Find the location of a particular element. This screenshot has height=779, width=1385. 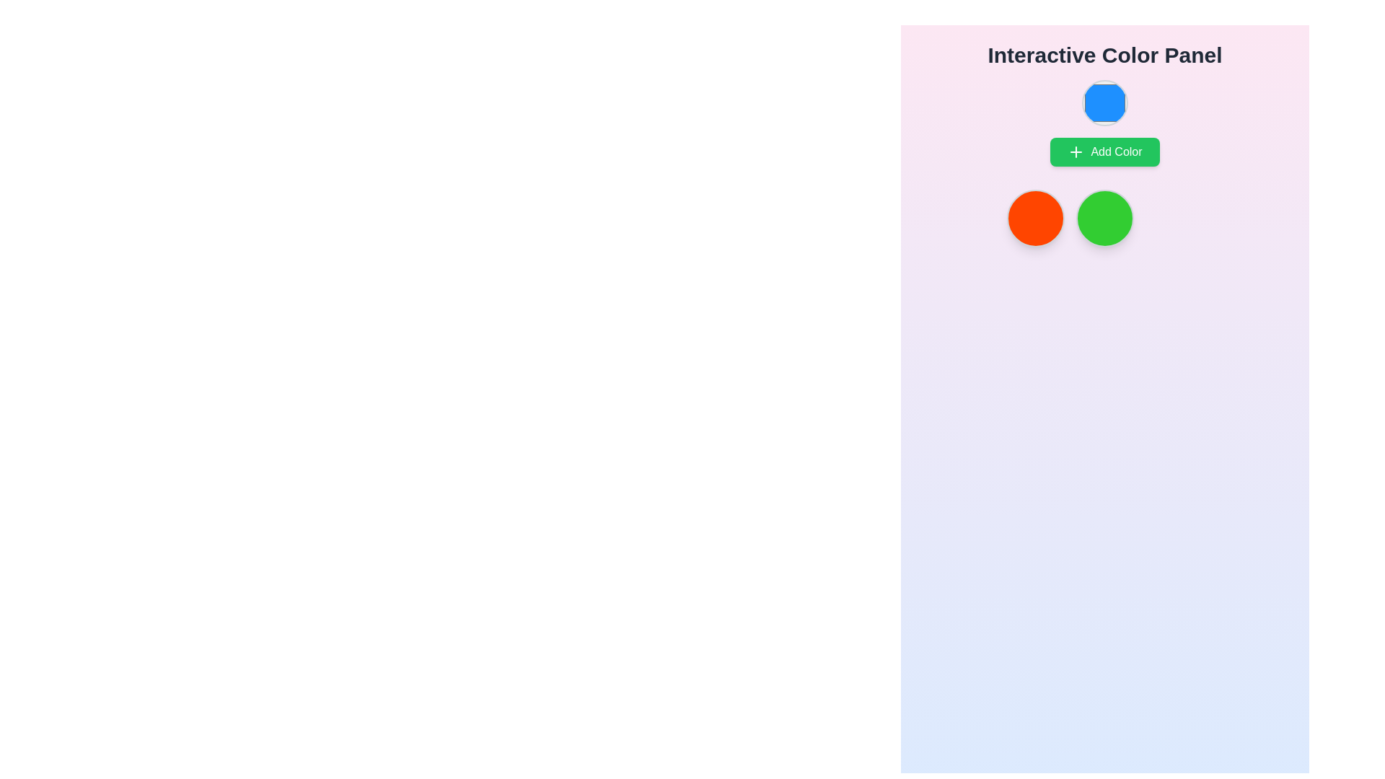

the circular color display component, which is a blue-filled circle located above the green 'Add Color' button is located at coordinates (1104, 122).